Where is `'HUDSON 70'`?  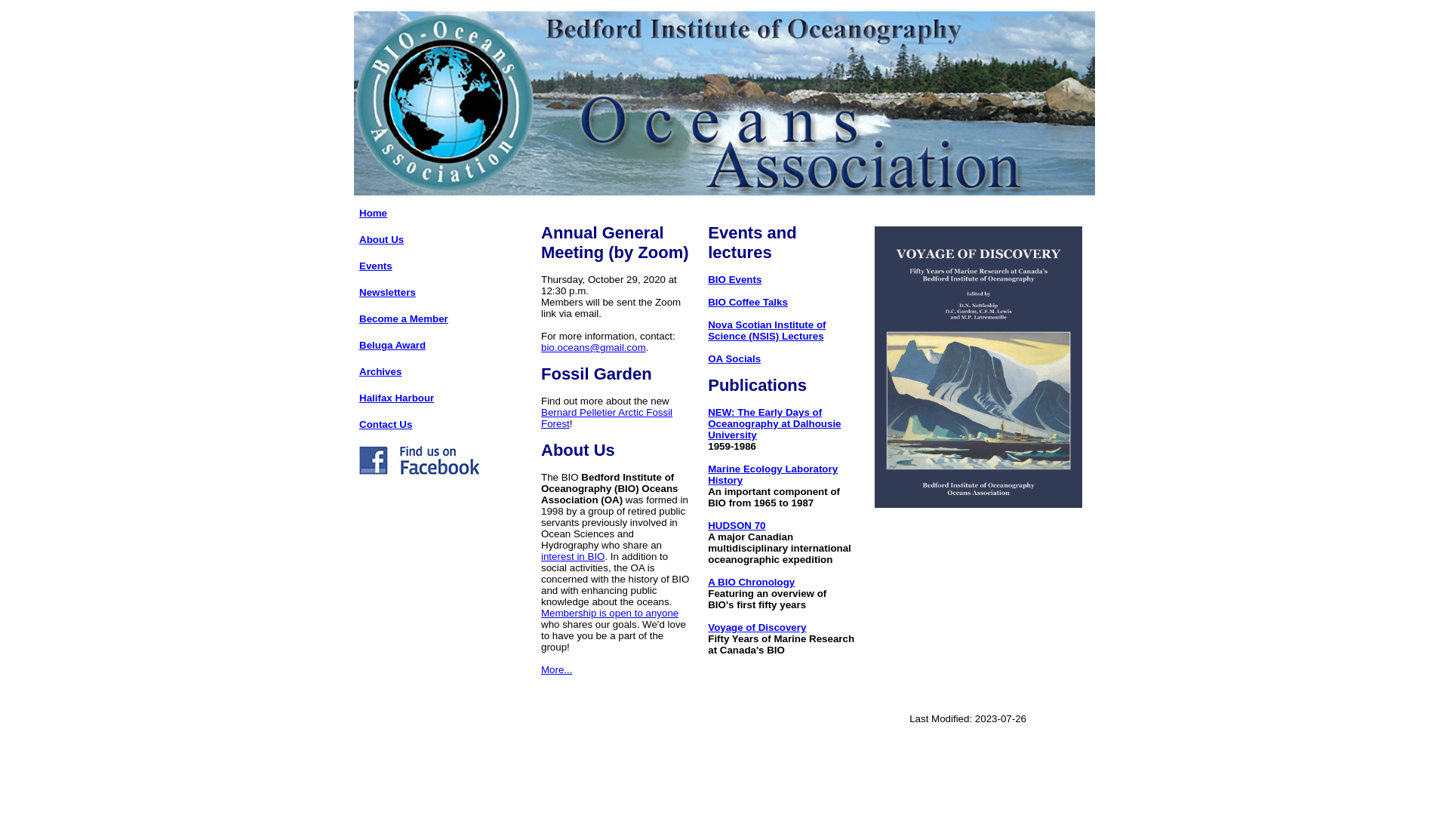
'HUDSON 70' is located at coordinates (706, 524).